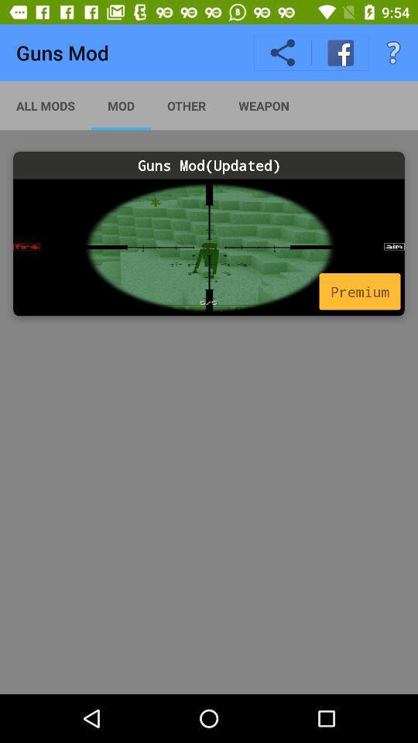 This screenshot has height=743, width=418. Describe the element at coordinates (263, 104) in the screenshot. I see `item next to other icon` at that location.